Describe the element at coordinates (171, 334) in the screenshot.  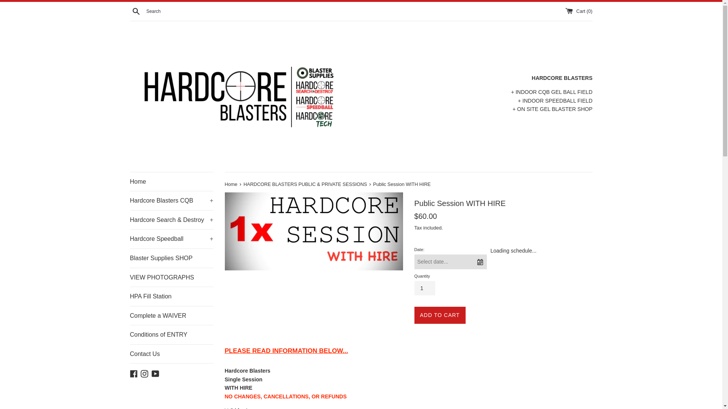
I see `'Conditions of ENTRY'` at that location.